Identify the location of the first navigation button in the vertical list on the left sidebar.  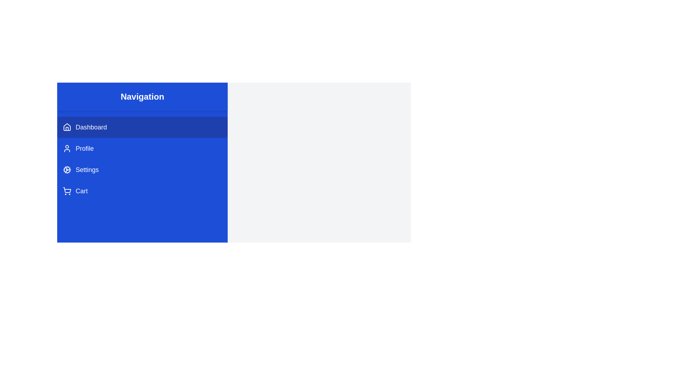
(142, 127).